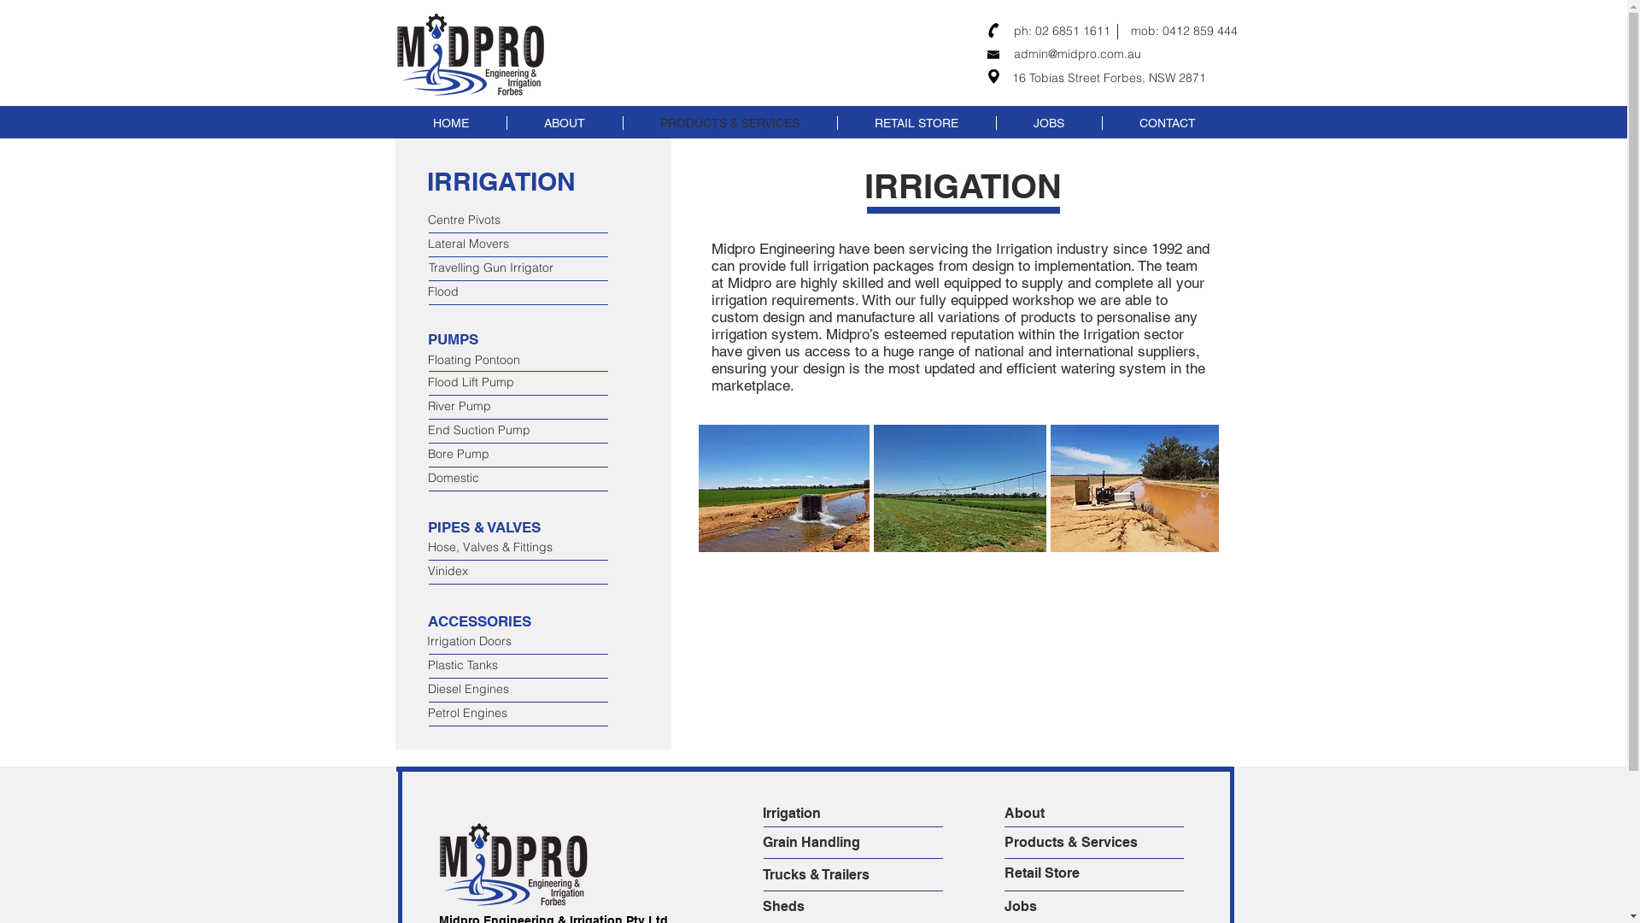  Describe the element at coordinates (467, 689) in the screenshot. I see `'Diesel Engines'` at that location.